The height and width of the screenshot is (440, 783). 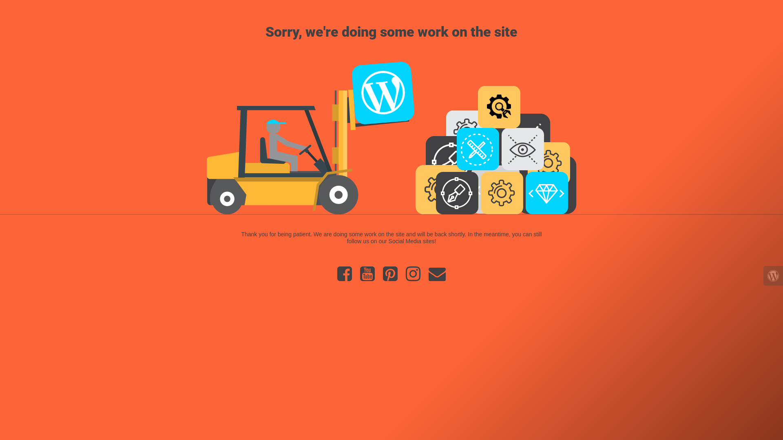 I want to click on 'Forklift at Work', so click(x=391, y=136).